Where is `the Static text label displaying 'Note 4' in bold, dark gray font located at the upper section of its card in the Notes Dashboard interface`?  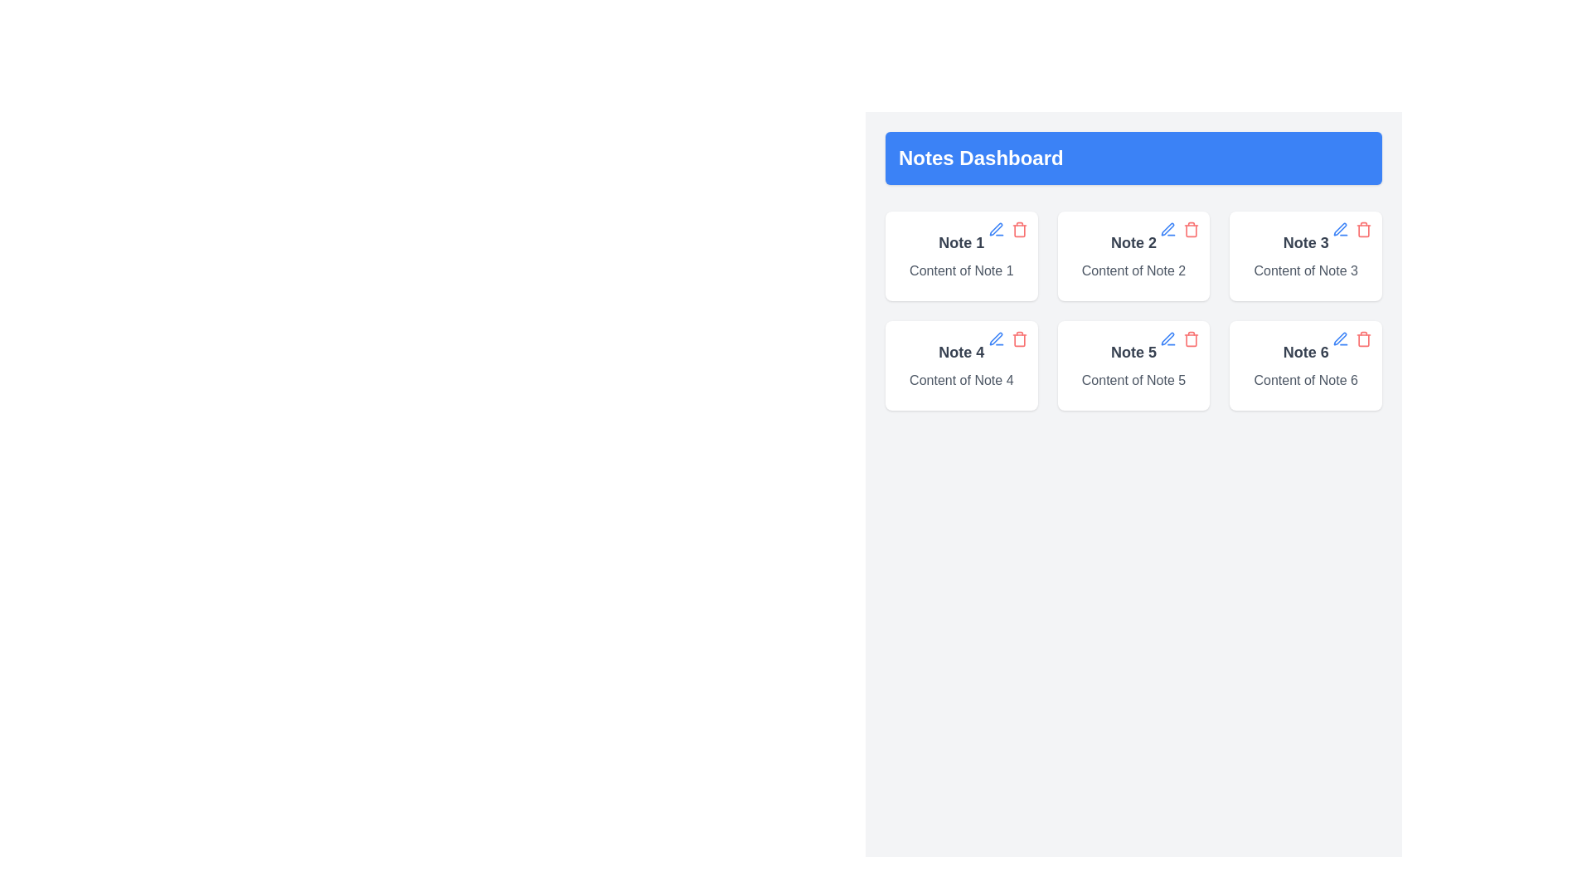 the Static text label displaying 'Note 4' in bold, dark gray font located at the upper section of its card in the Notes Dashboard interface is located at coordinates (961, 351).